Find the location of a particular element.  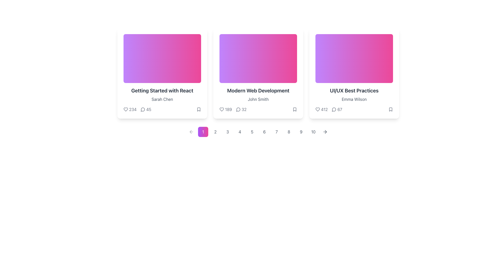

the leftward-pointing arrow icon button located in the bottom section of the page is located at coordinates (191, 131).